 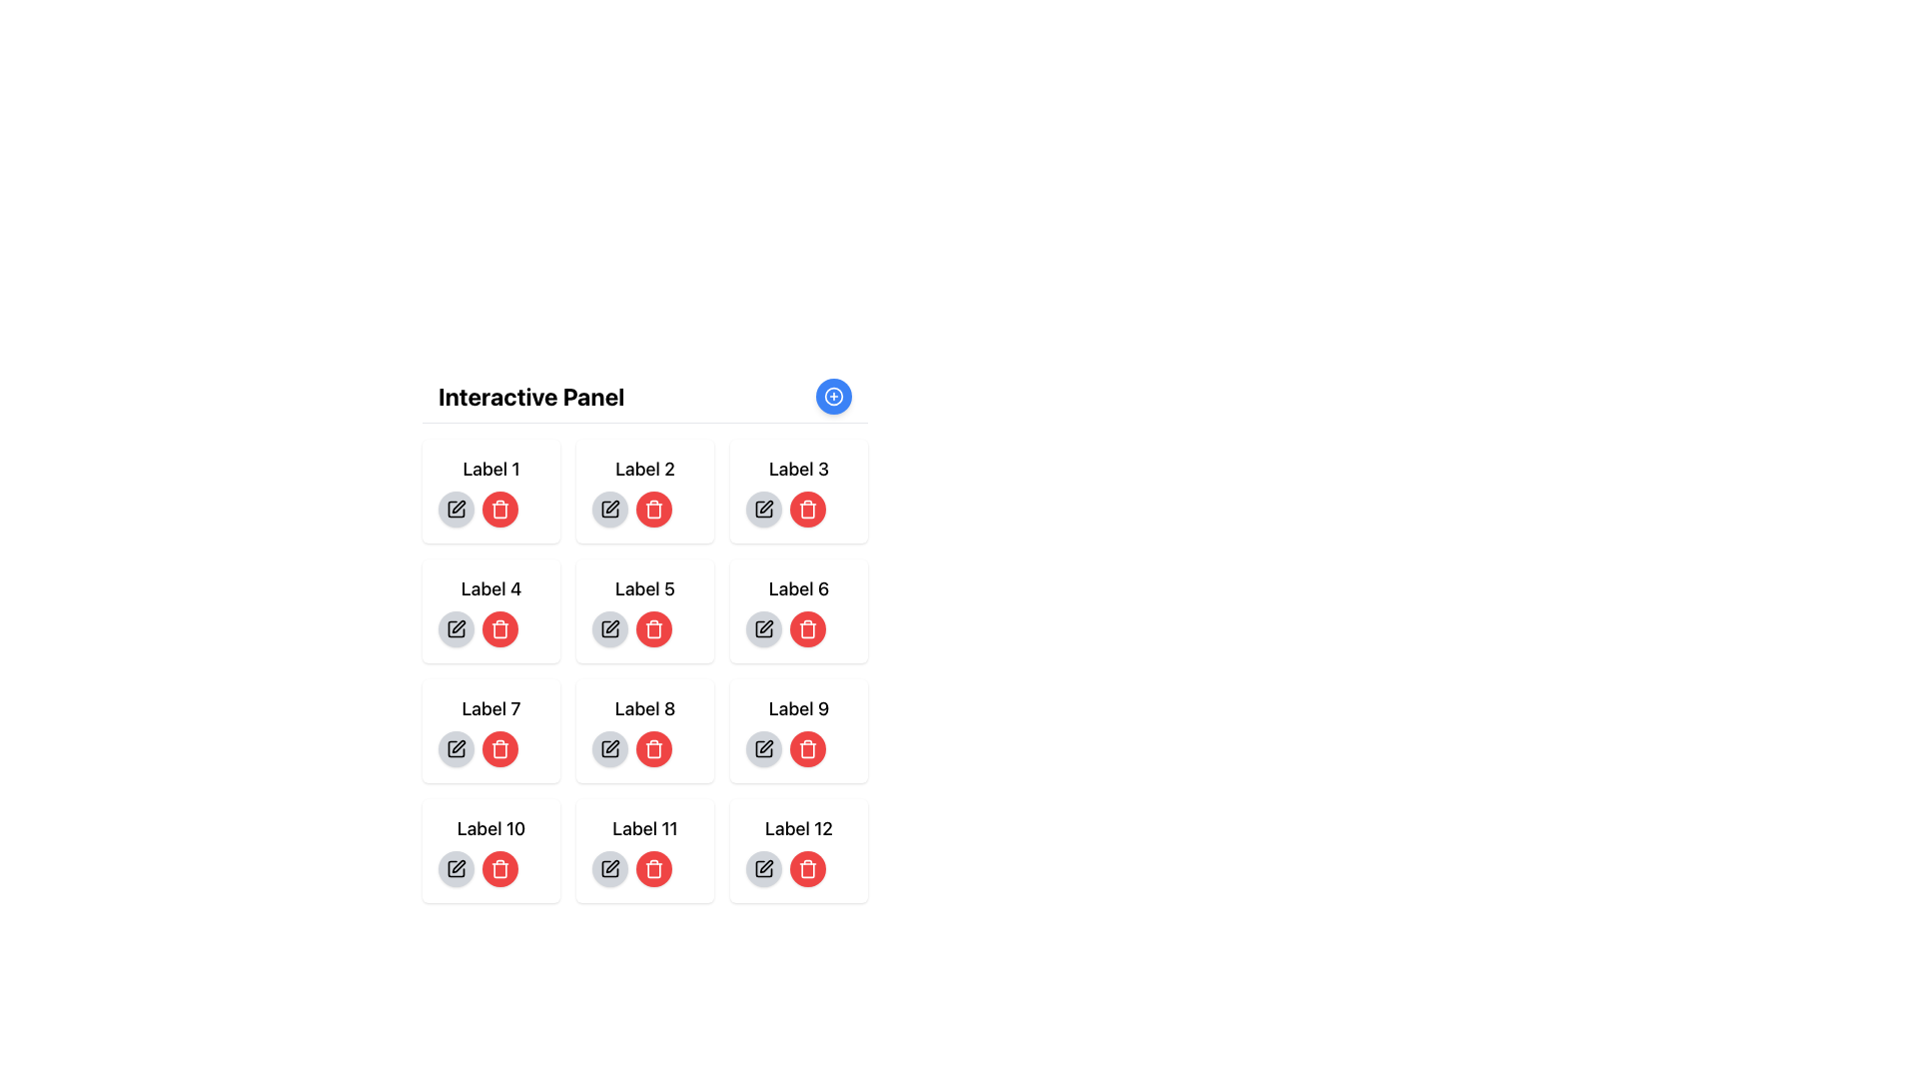 I want to click on the Edit icon, which is a square icon with a pen symbol inside it, located under the label 'Label 4' and to the left of the red trash bin icon, so click(x=455, y=627).